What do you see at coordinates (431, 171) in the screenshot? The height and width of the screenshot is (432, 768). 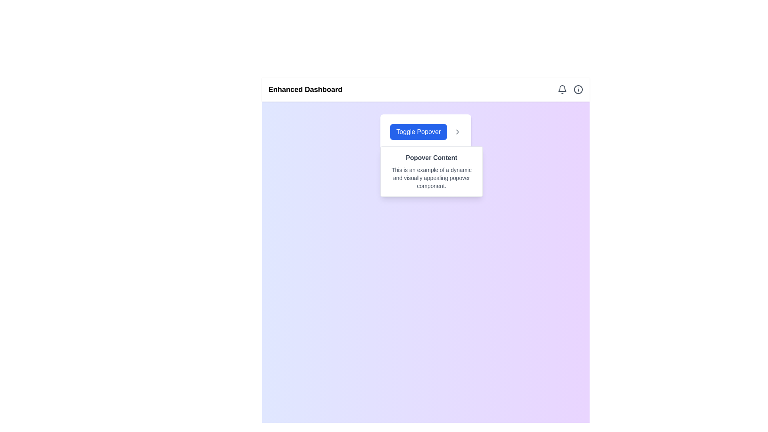 I see `the rectangular popover component with a white background, containing the title 'Popover Content' and subtext 'This is an example of a dynamic and visually appealing popover component.'` at bounding box center [431, 171].